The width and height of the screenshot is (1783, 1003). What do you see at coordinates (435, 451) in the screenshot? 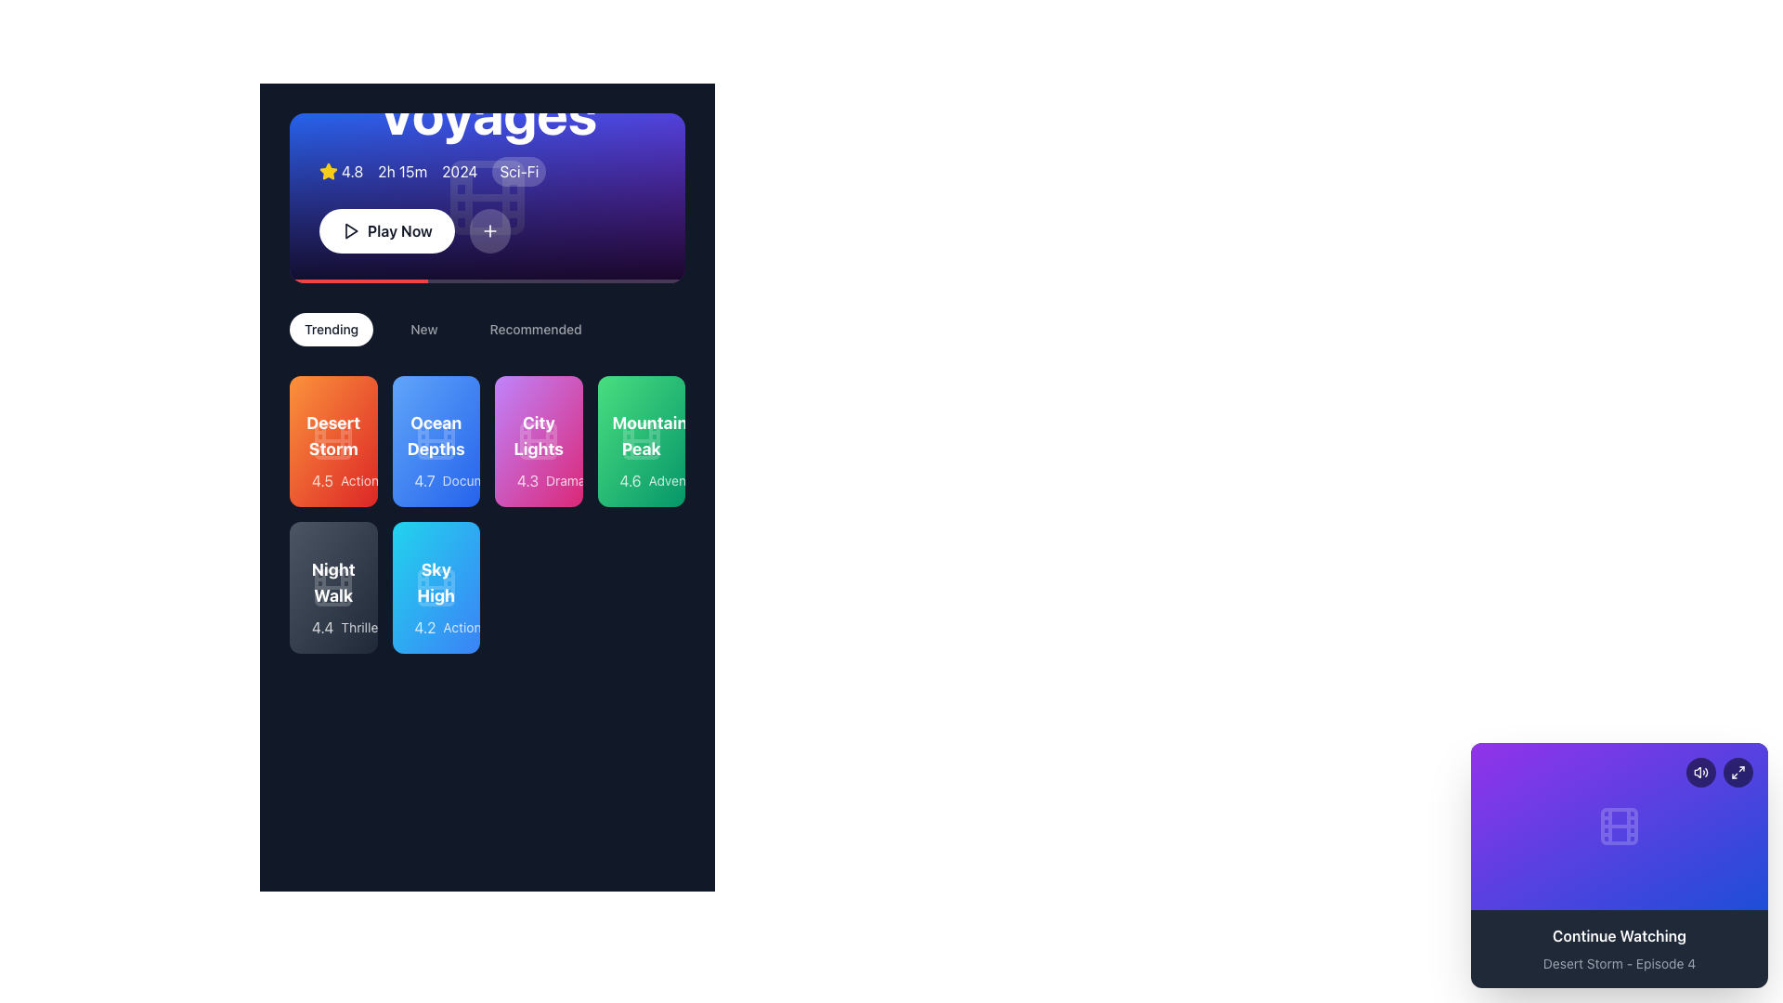
I see `the 'Ocean Depths' documentary card located in the second column of the first row within the Trending section` at bounding box center [435, 451].